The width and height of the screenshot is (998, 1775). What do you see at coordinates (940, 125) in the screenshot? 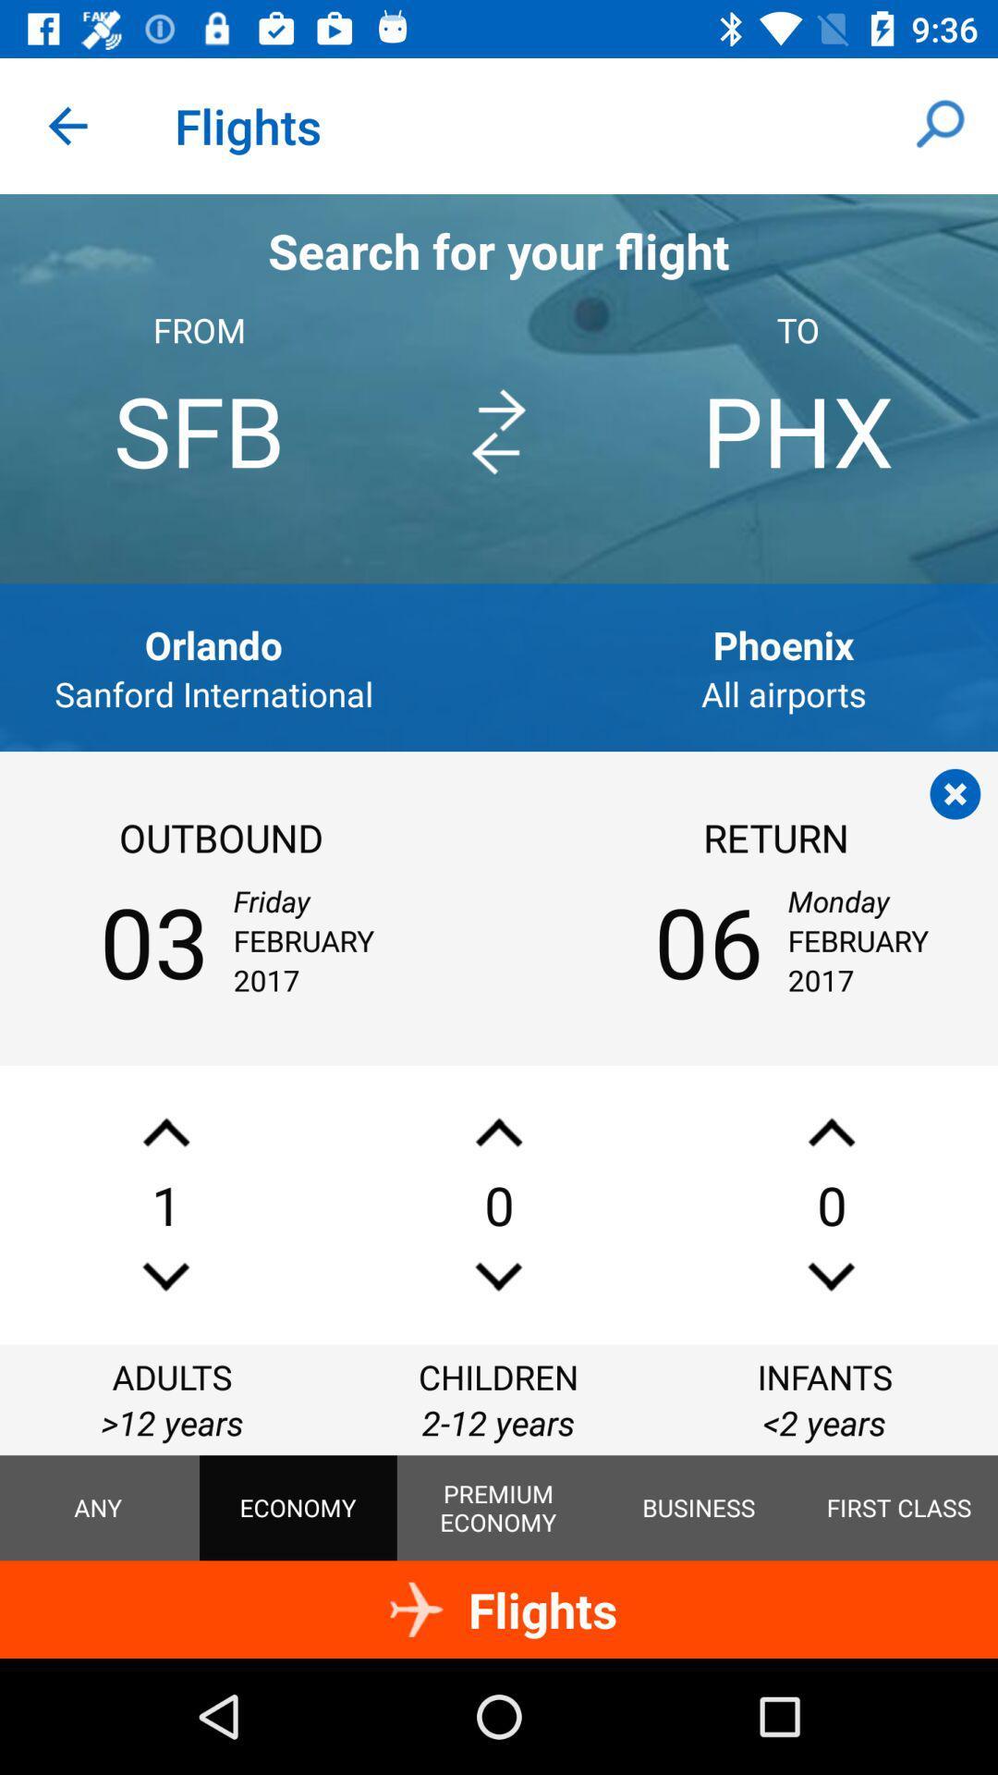
I see `the app next to the flights` at bounding box center [940, 125].